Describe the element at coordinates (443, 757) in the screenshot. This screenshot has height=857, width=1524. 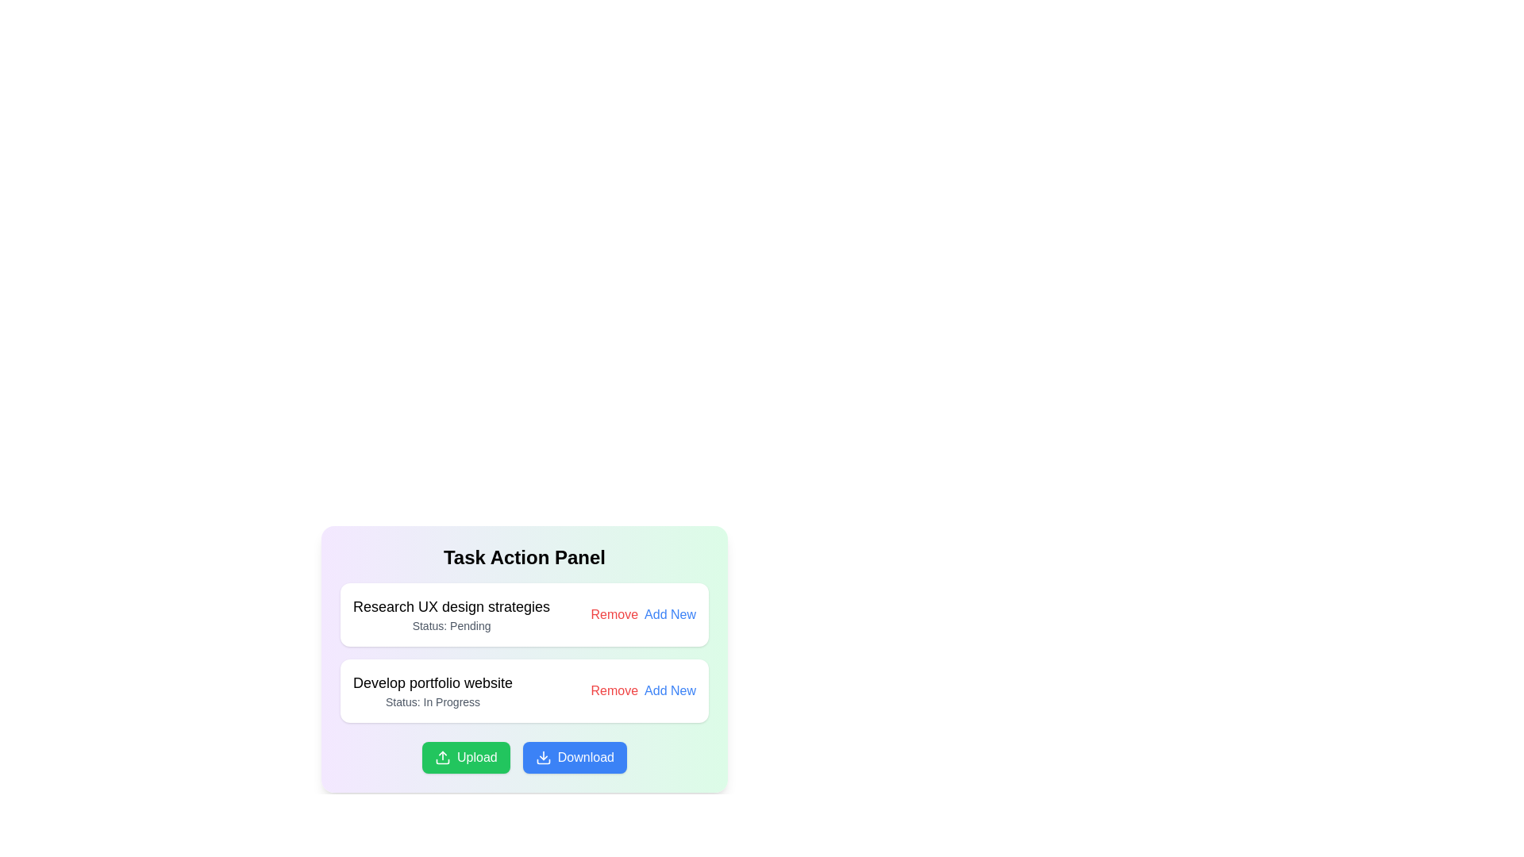
I see `the small upward arrow icon with a minimalist style, which is white on a green background, located to the left of the 'Upload' text in the green button at the bottom-left of the 'Task Action Panel'` at that location.